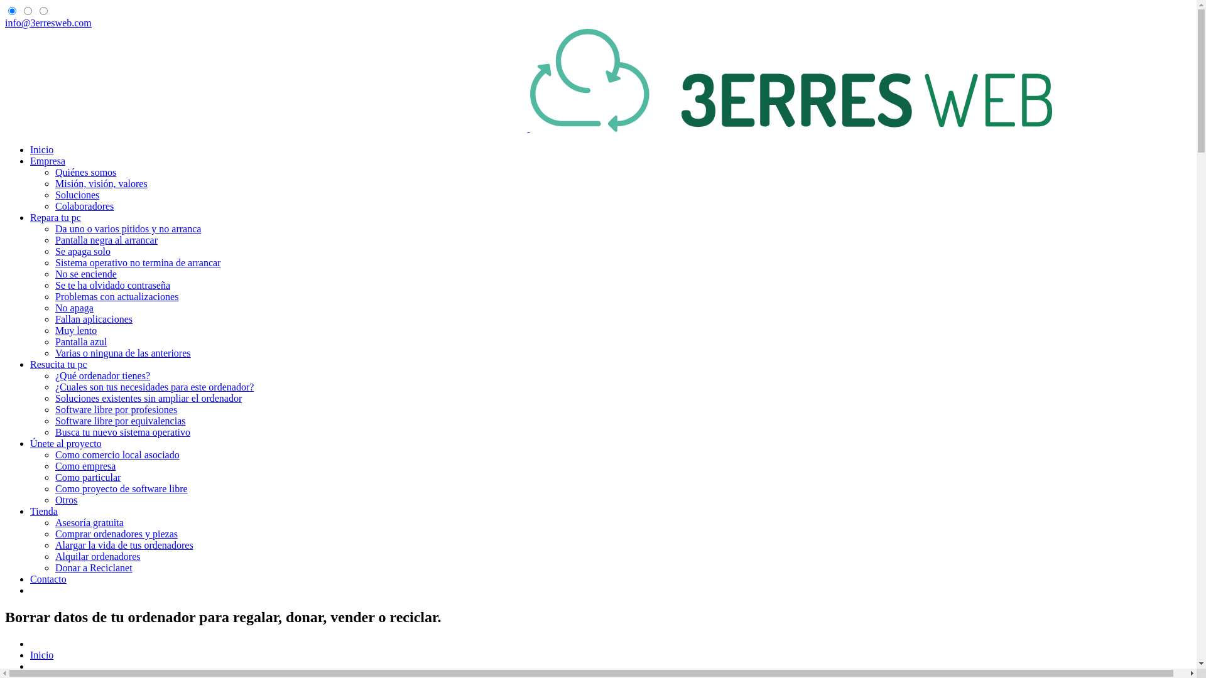 This screenshot has height=678, width=1206. What do you see at coordinates (5, 23) in the screenshot?
I see `'info@3erresweb.com'` at bounding box center [5, 23].